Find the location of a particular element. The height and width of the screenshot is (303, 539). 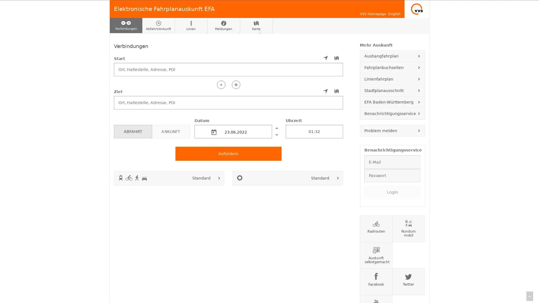

md-calendar is located at coordinates (214, 132).